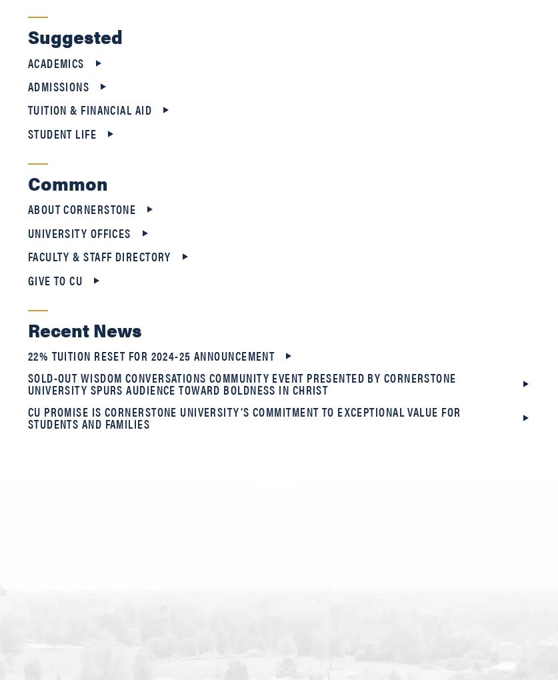  Describe the element at coordinates (98, 256) in the screenshot. I see `'Faculty & Staff Directory'` at that location.